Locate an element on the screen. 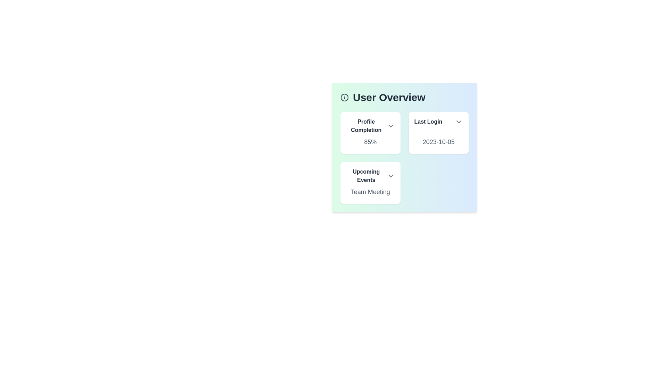 This screenshot has height=375, width=667. the text label displaying '85%' located in the 'Profile Completion' section of the 'User Overview' module is located at coordinates (370, 141).